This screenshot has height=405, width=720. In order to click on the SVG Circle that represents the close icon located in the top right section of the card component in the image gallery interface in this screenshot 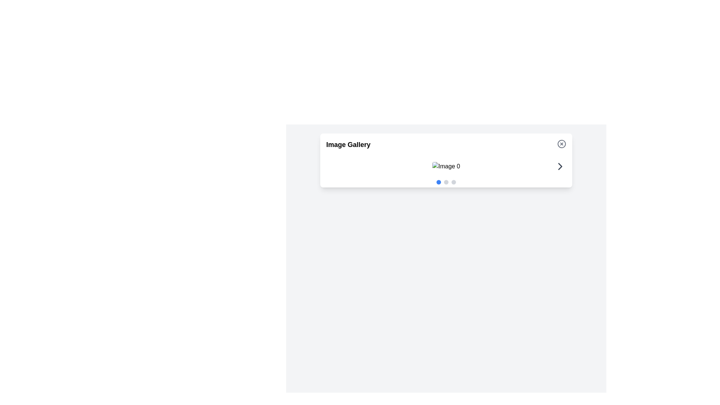, I will do `click(561, 144)`.